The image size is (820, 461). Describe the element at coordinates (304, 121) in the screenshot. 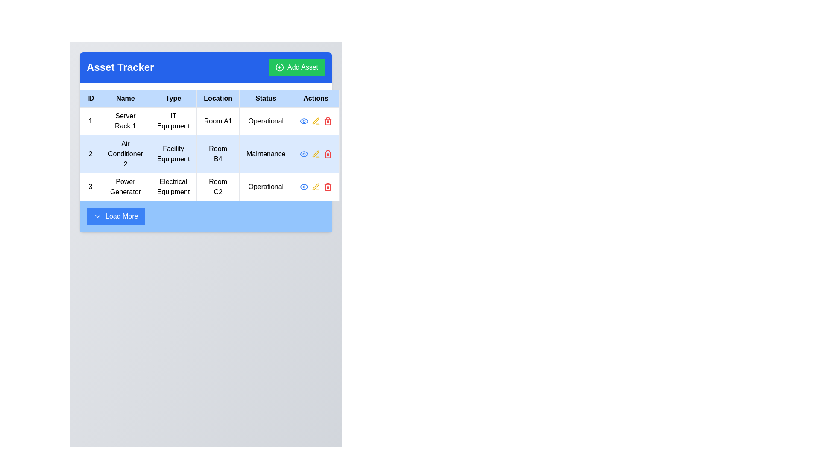

I see `the icon in the 'Actions' column of the second row associated with the 'Air Conditioner 2' item` at that location.